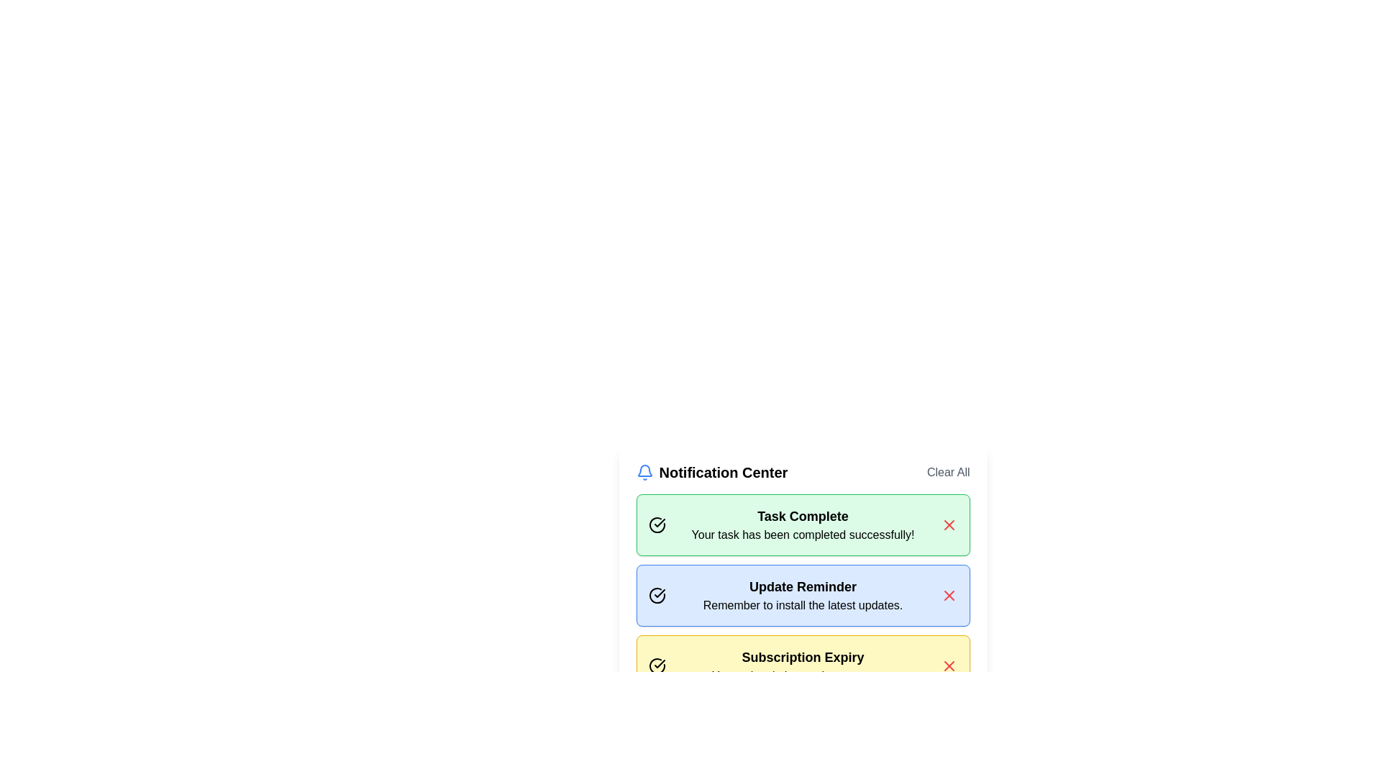 This screenshot has height=777, width=1381. Describe the element at coordinates (949, 524) in the screenshot. I see `the red circular button with an 'X' icon in the top-right corner of the 'Task Complete' notification card` at that location.